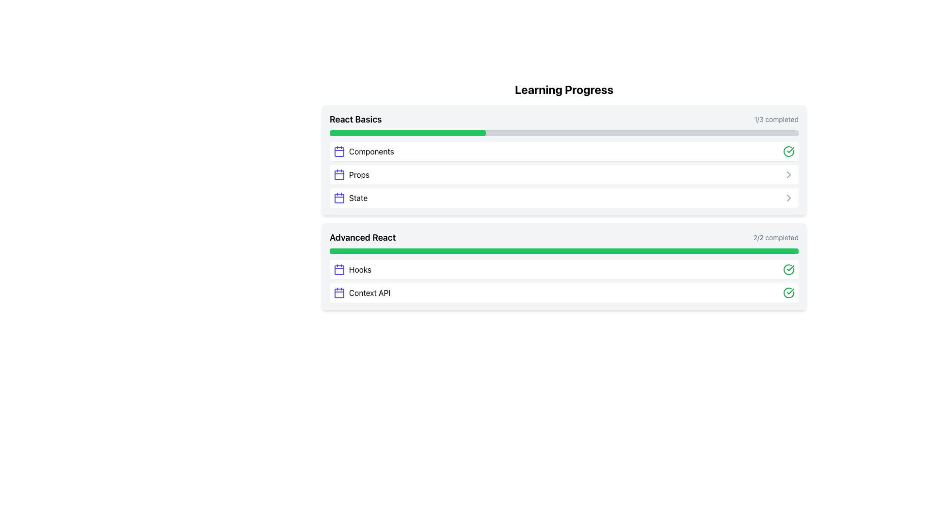  I want to click on the calendar icon's background element, which serves as the base for date markers and is centrally positioned within the calendar structure, so click(339, 292).